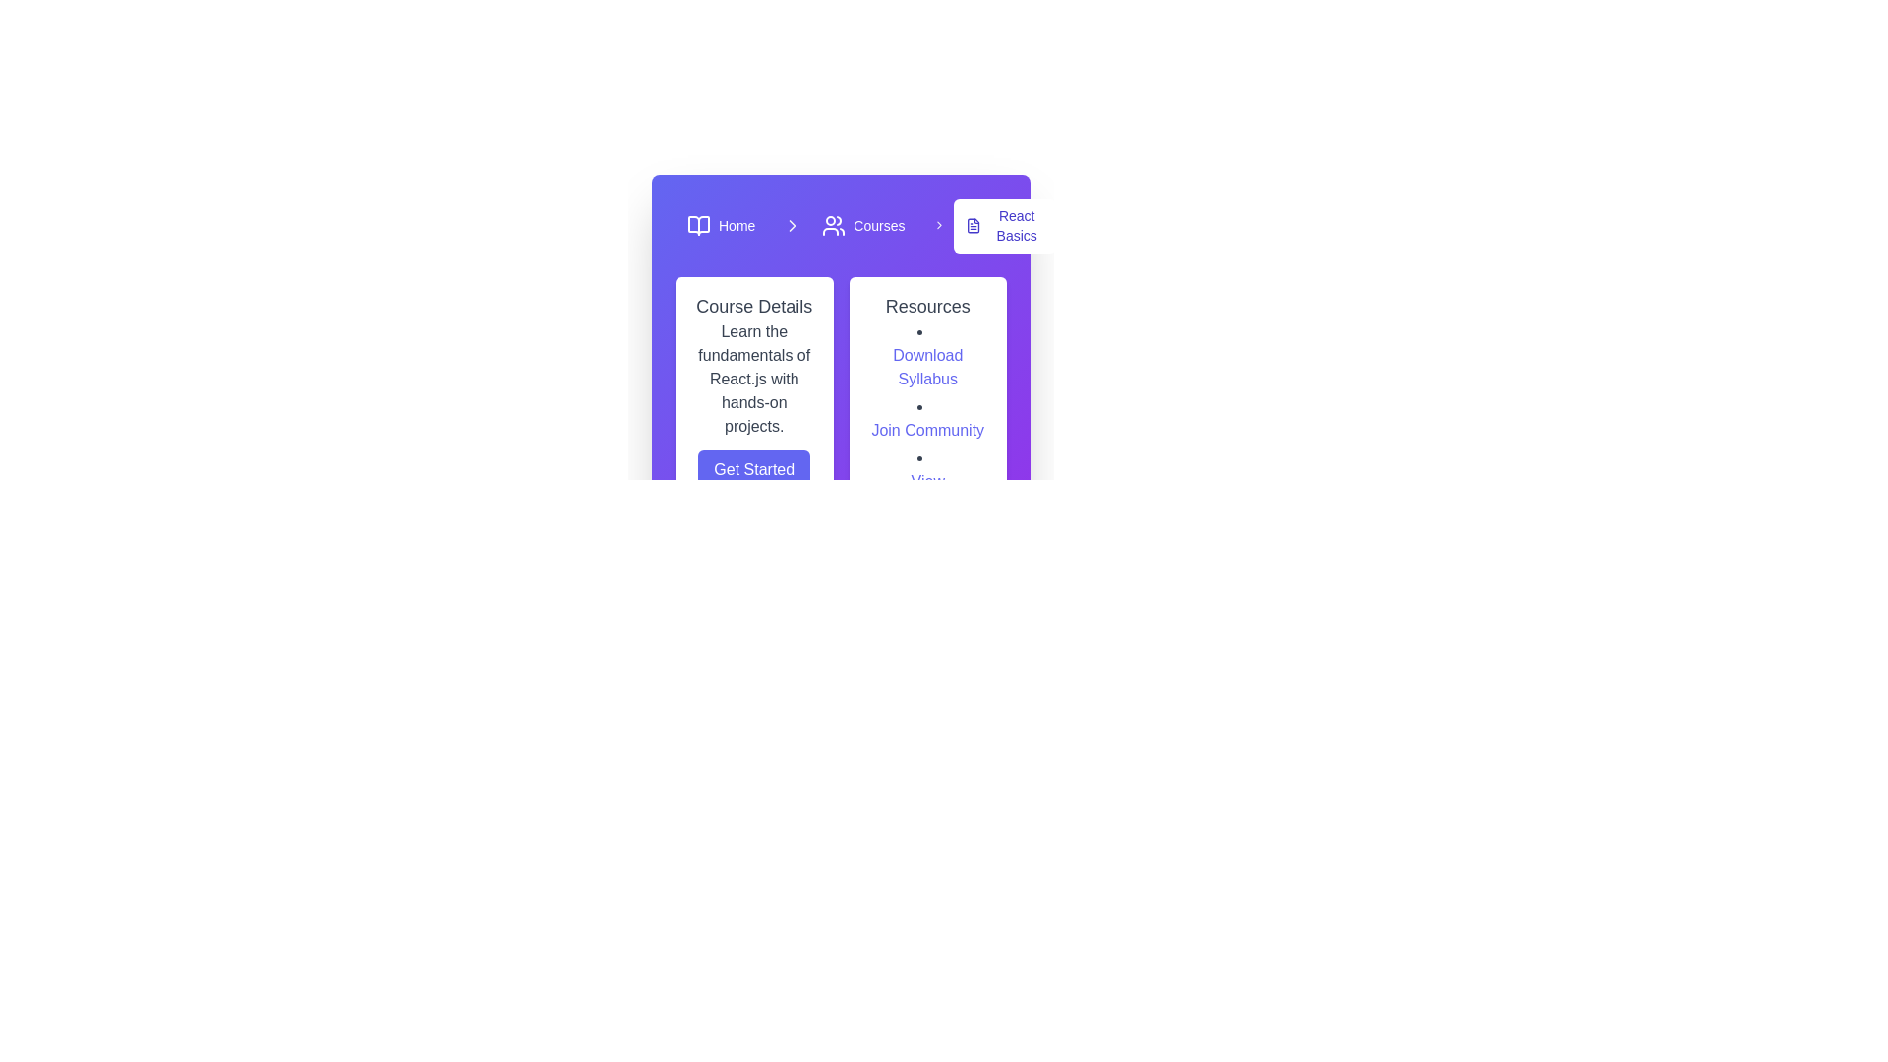 The width and height of the screenshot is (1888, 1062). I want to click on the hyperlink located in the 'Resources' section, which is the second item in the vertical list of links, so click(926, 417).